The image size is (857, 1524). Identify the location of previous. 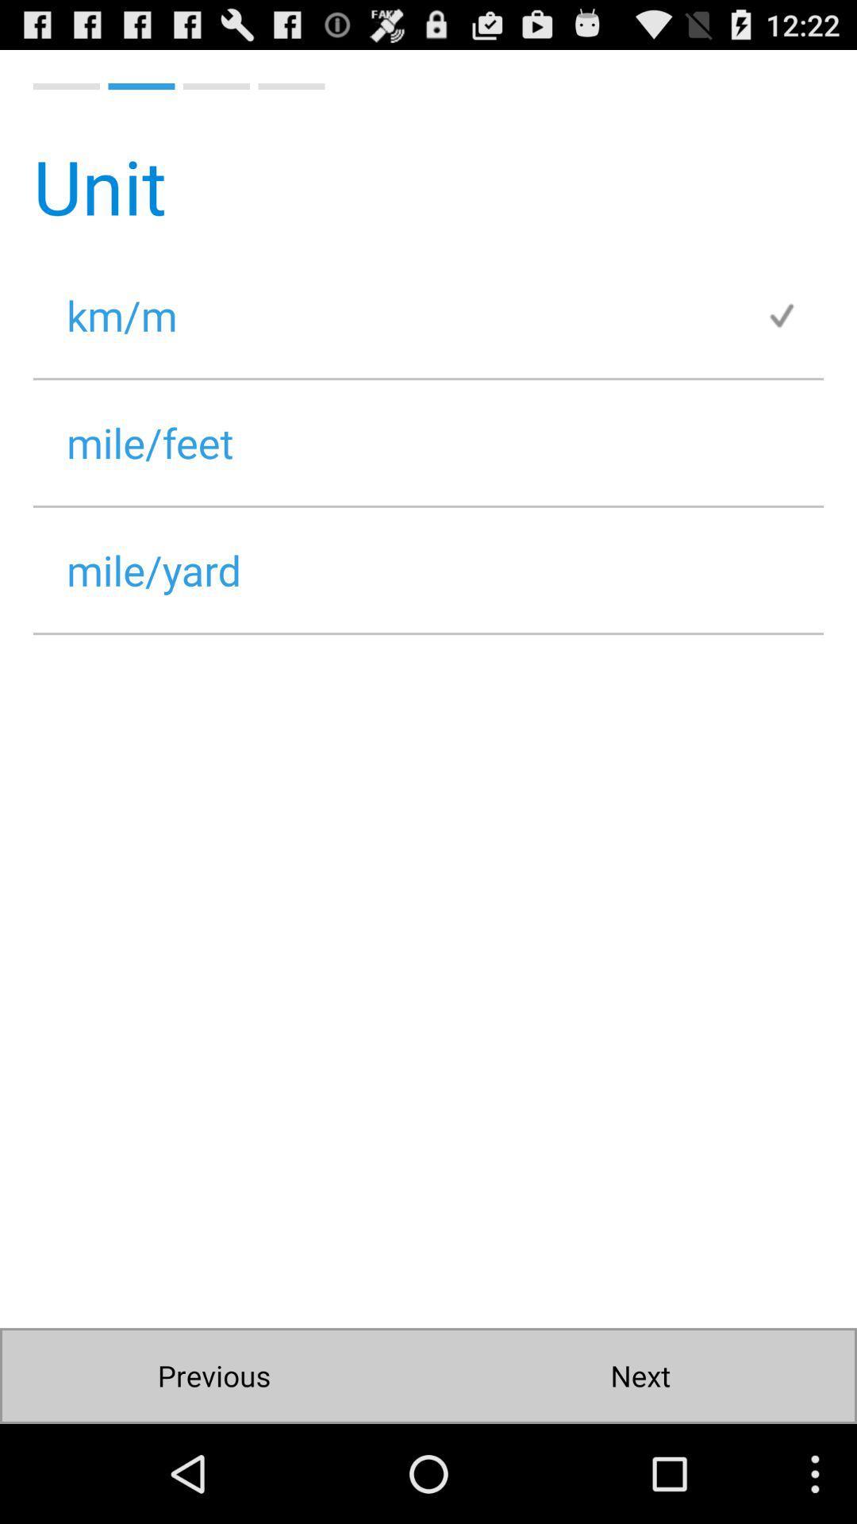
(214, 1375).